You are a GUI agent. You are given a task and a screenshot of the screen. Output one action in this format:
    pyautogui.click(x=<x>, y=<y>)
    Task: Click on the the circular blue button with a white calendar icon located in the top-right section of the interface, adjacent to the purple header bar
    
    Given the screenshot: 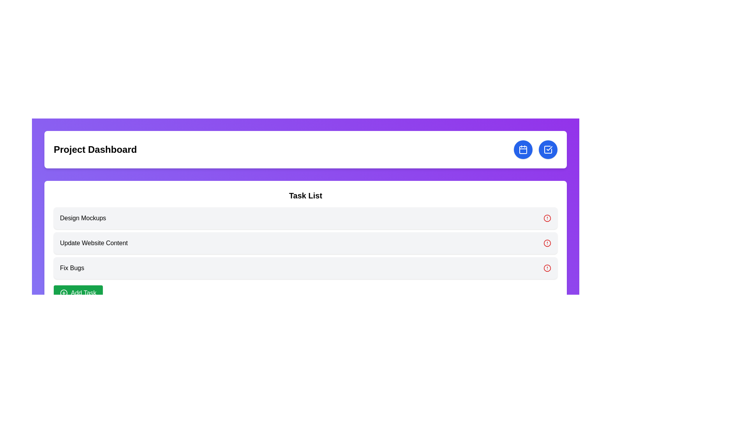 What is the action you would take?
    pyautogui.click(x=523, y=150)
    